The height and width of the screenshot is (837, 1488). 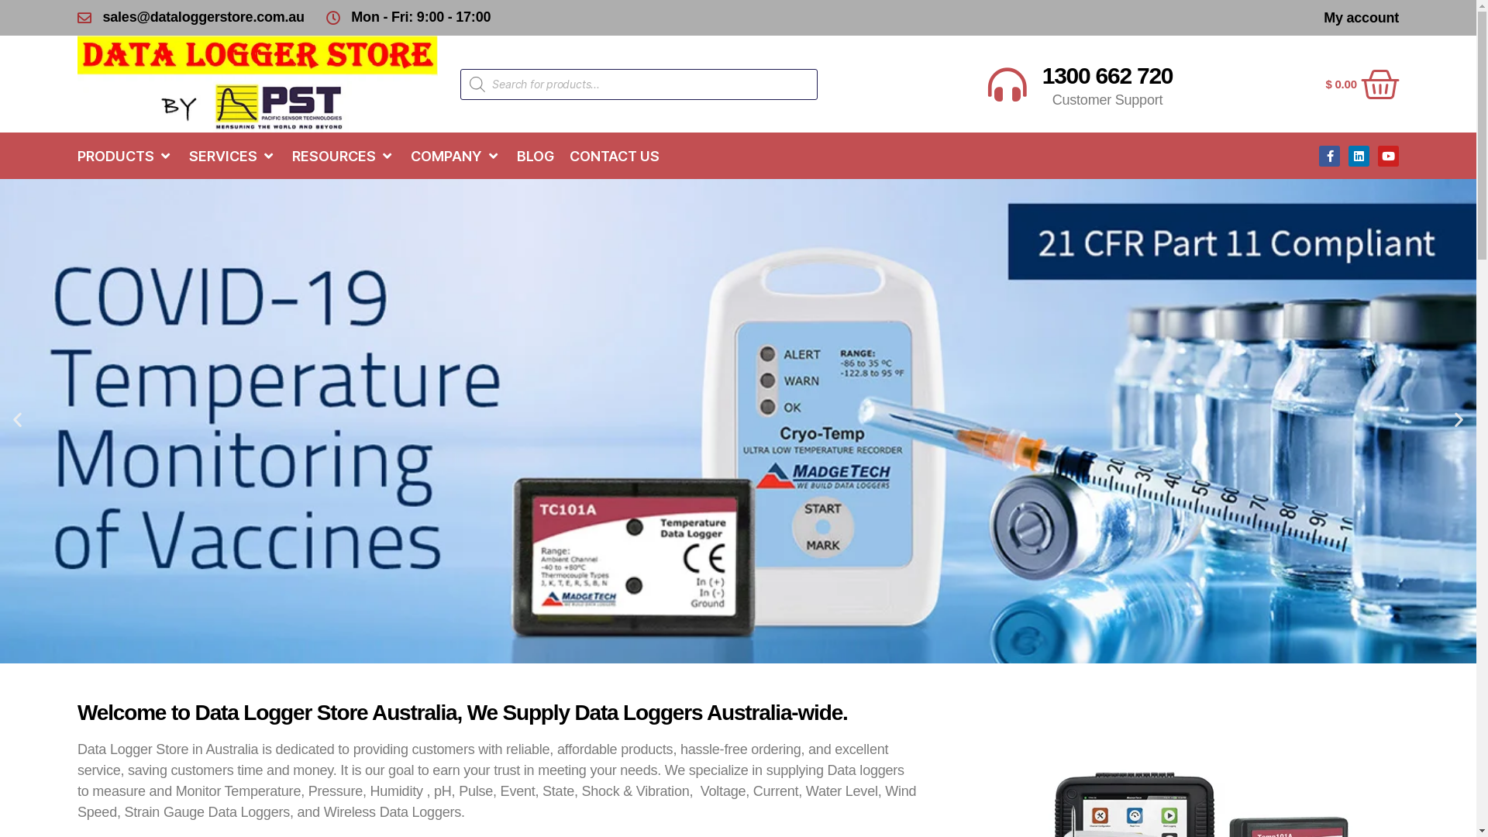 What do you see at coordinates (1360, 18) in the screenshot?
I see `'My account'` at bounding box center [1360, 18].